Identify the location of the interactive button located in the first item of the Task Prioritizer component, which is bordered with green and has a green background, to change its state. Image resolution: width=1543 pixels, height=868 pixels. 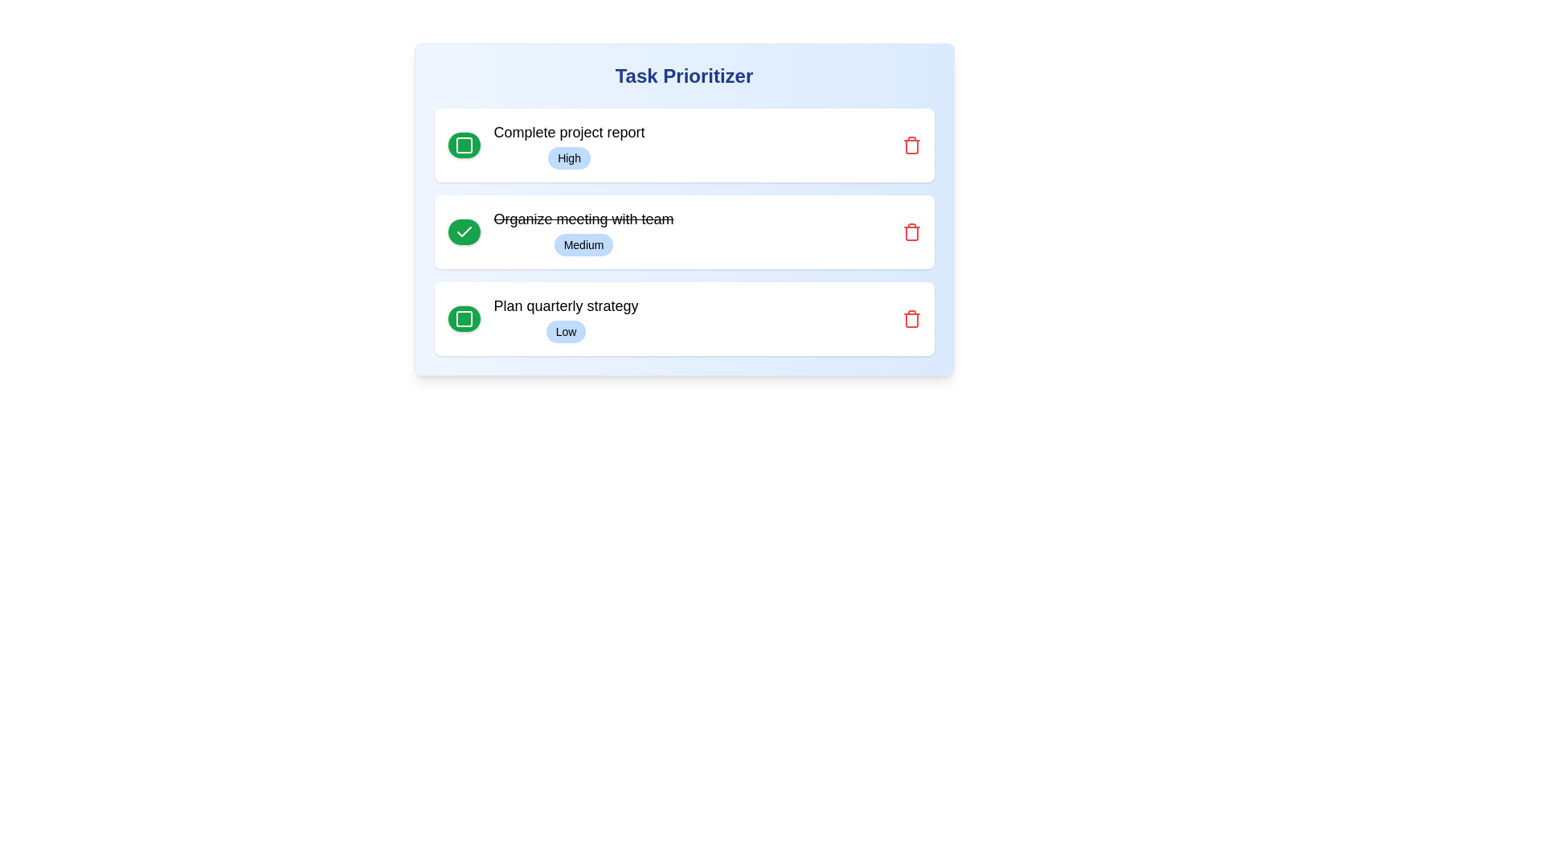
(463, 145).